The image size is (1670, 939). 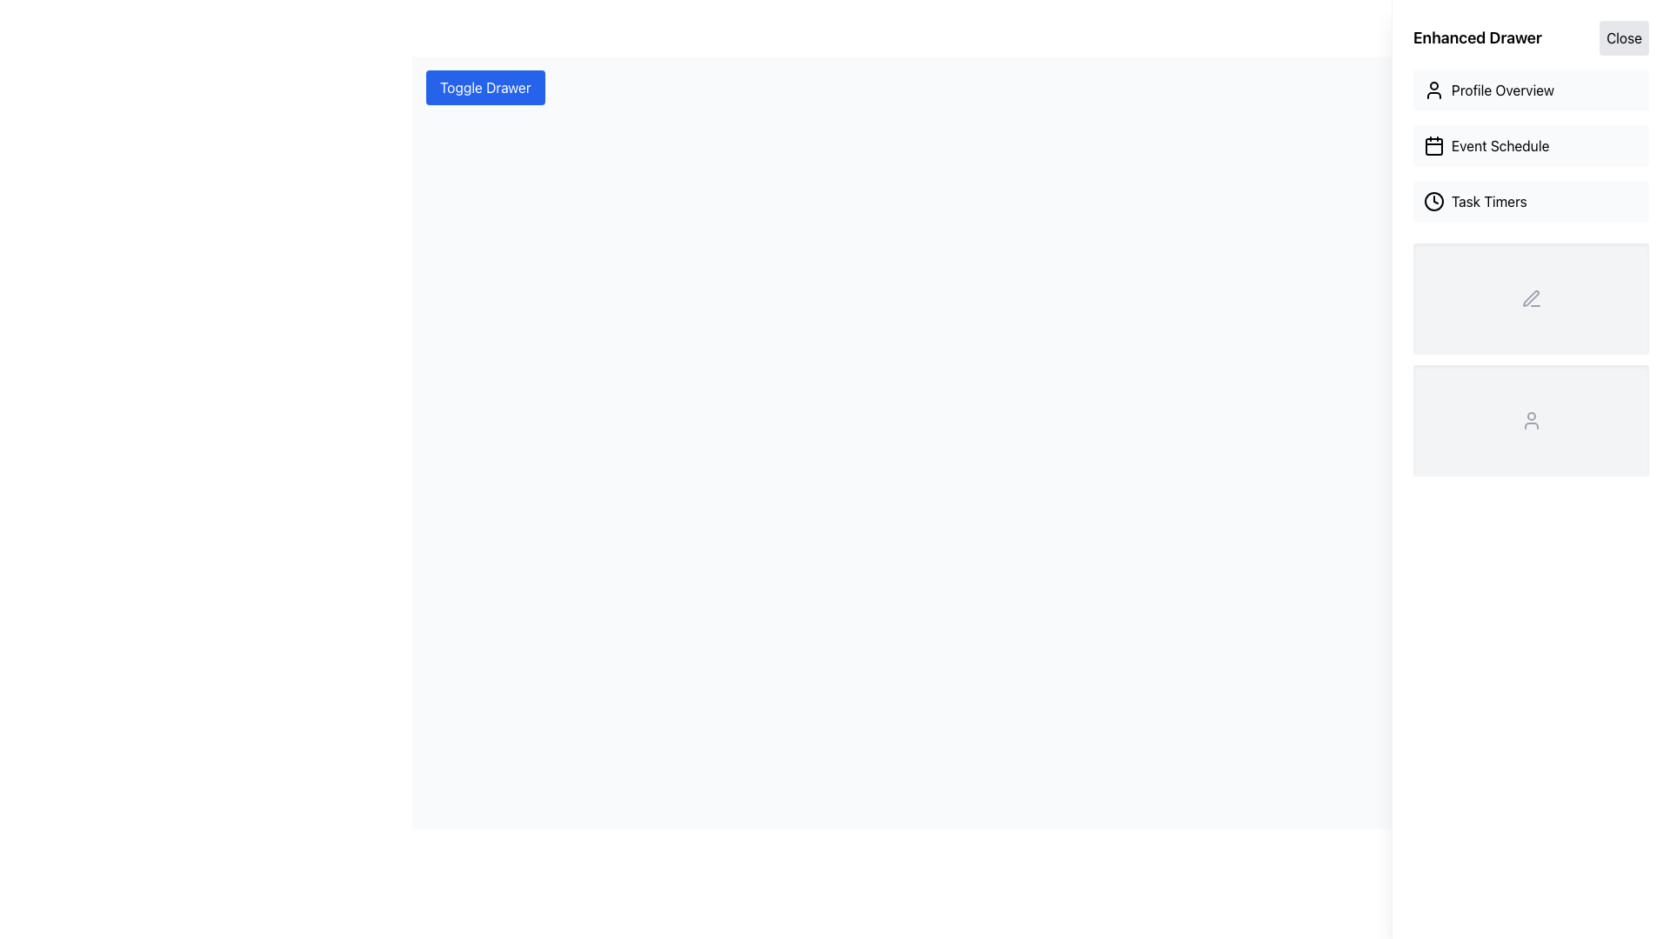 What do you see at coordinates (1434, 146) in the screenshot?
I see `the background rectangle of the calendar icon, which is part of the 'Event Schedule' item in the 'Enhanced Drawer' sidebar` at bounding box center [1434, 146].